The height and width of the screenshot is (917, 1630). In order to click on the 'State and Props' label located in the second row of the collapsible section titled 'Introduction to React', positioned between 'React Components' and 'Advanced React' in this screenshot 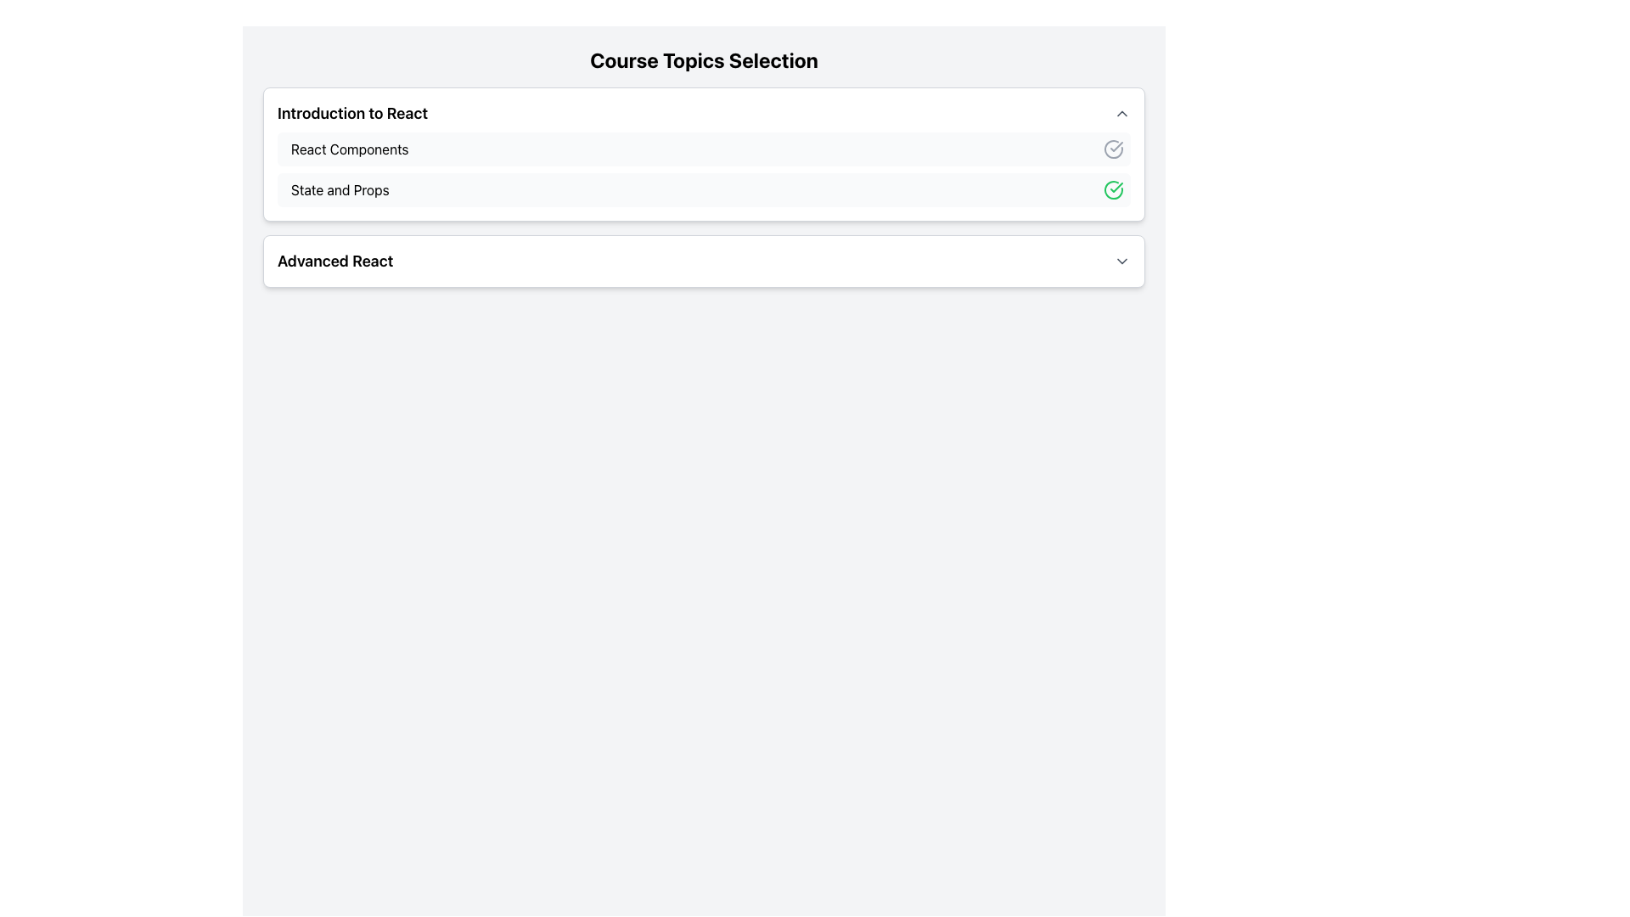, I will do `click(340, 189)`.